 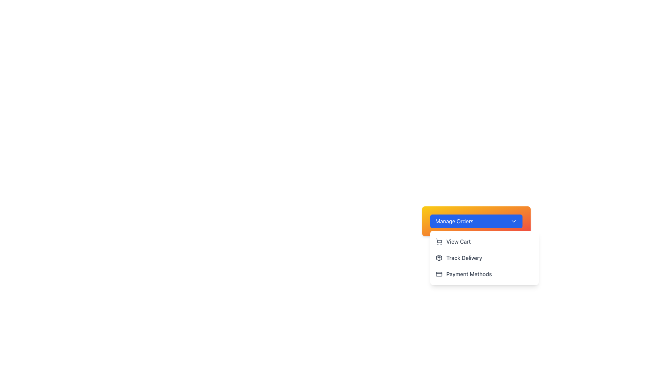 What do you see at coordinates (439, 274) in the screenshot?
I see `the payment methods icon, which is located at the start of the list item labeled 'Payment Methods', serving as a visual indicator for managing payment options` at bounding box center [439, 274].